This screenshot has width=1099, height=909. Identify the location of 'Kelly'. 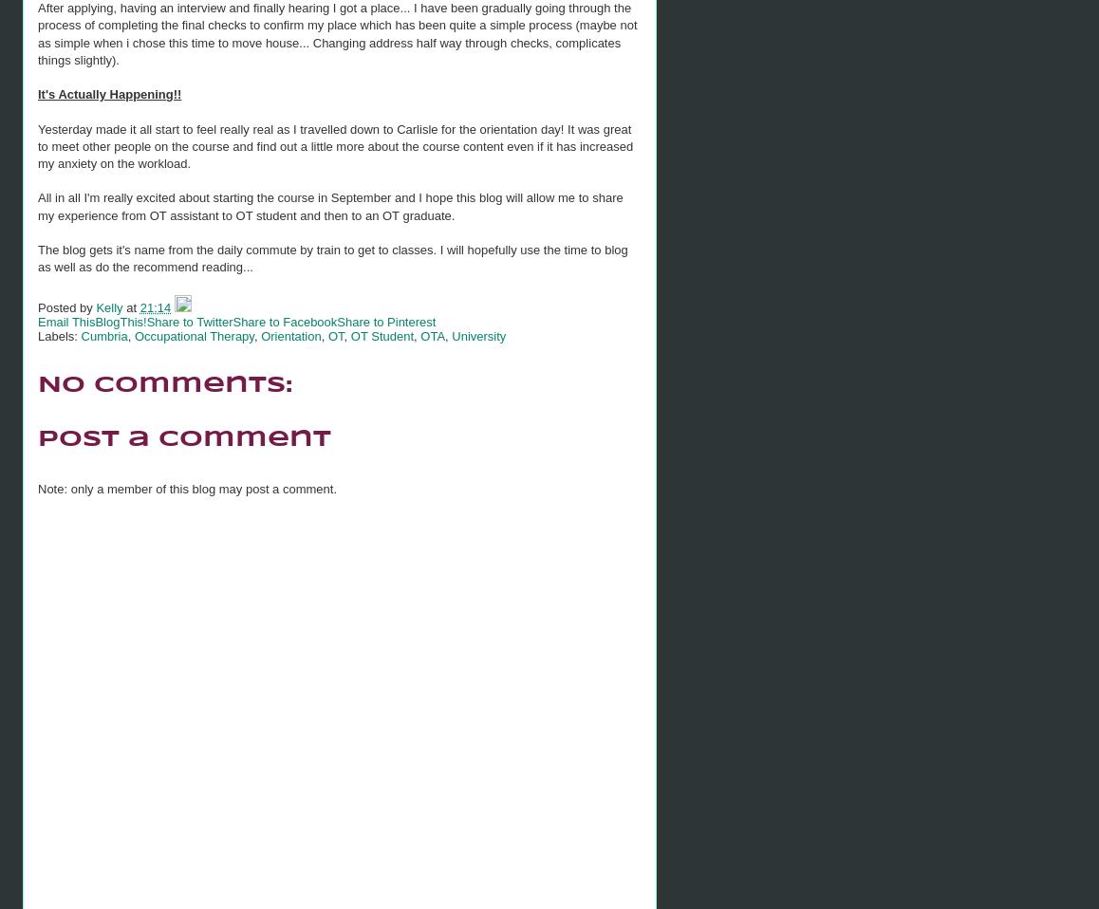
(95, 306).